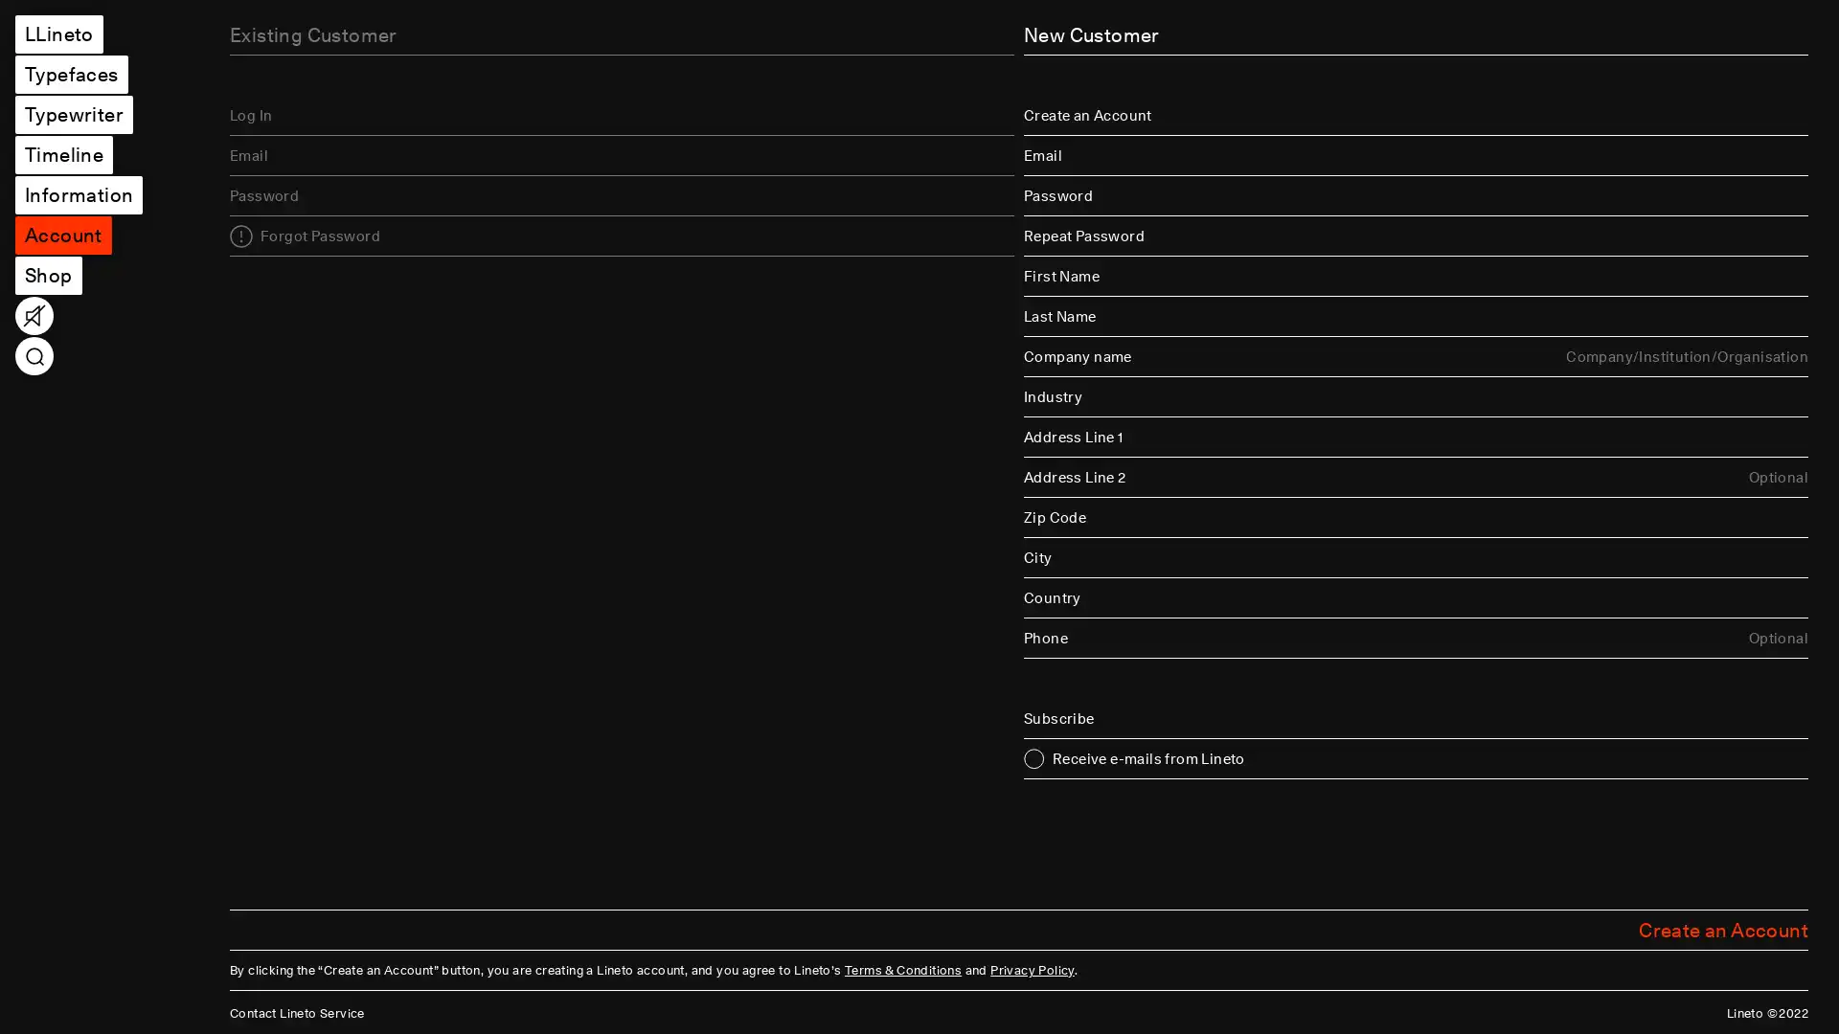  What do you see at coordinates (304, 235) in the screenshot?
I see `Forgot Password` at bounding box center [304, 235].